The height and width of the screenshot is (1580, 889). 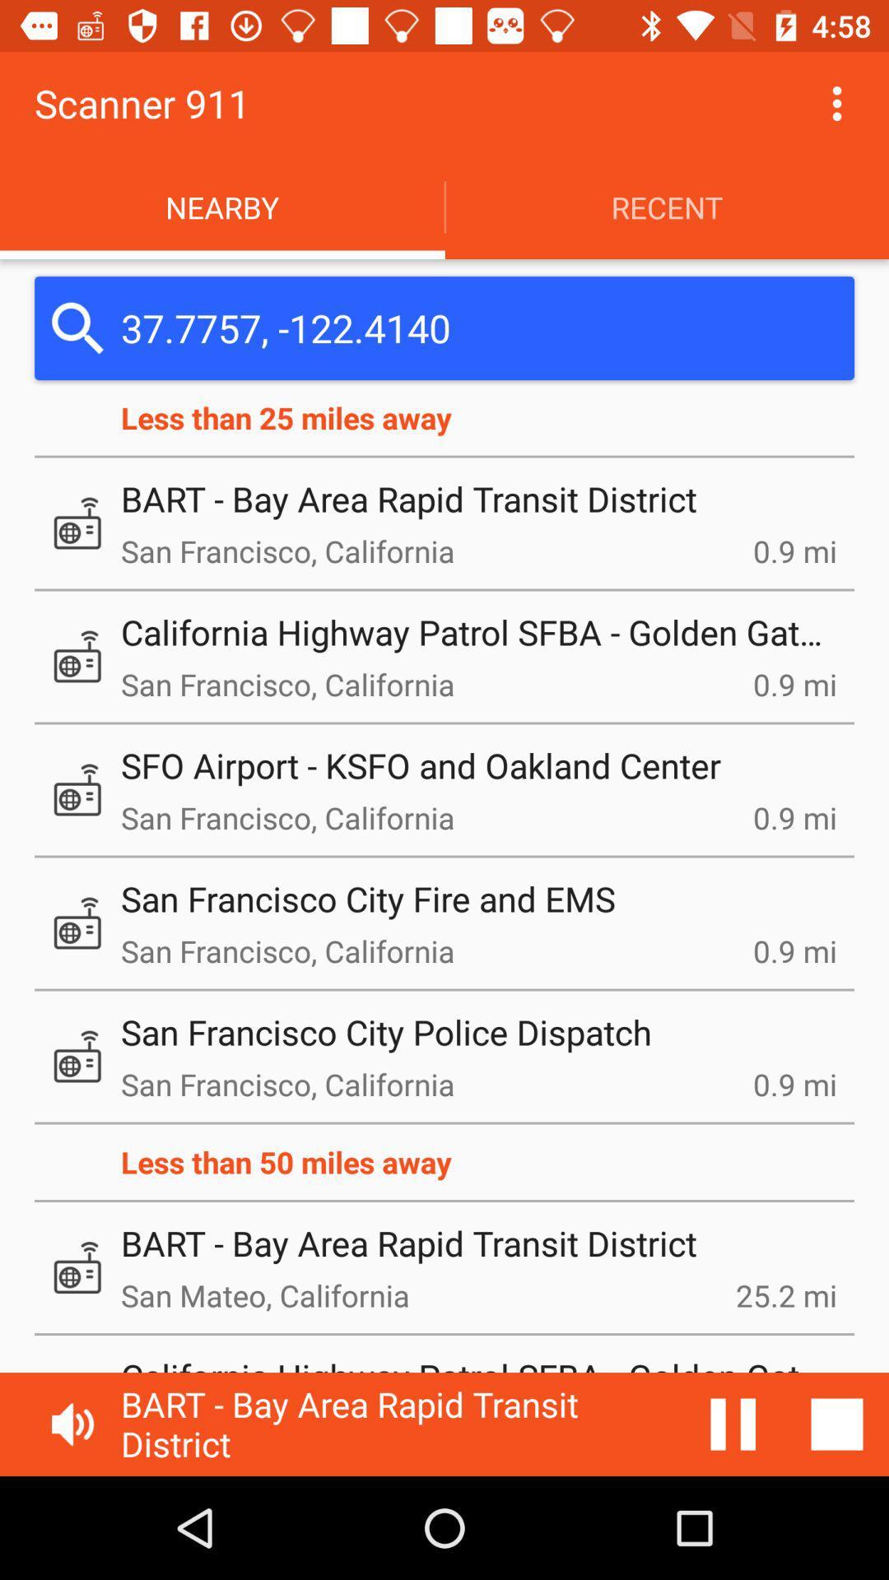 I want to click on pause, so click(x=733, y=1424).